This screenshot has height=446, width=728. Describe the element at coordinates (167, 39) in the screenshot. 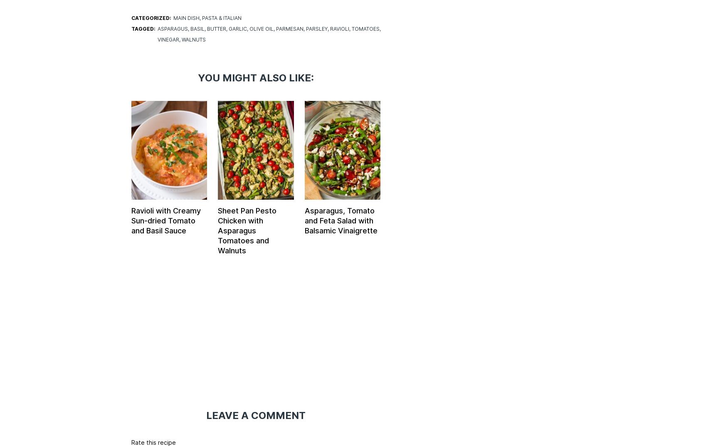

I see `'vinegar'` at that location.